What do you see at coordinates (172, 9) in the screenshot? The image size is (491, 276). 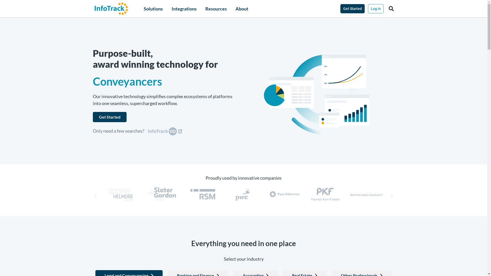 I see `'Integrations'` at bounding box center [172, 9].